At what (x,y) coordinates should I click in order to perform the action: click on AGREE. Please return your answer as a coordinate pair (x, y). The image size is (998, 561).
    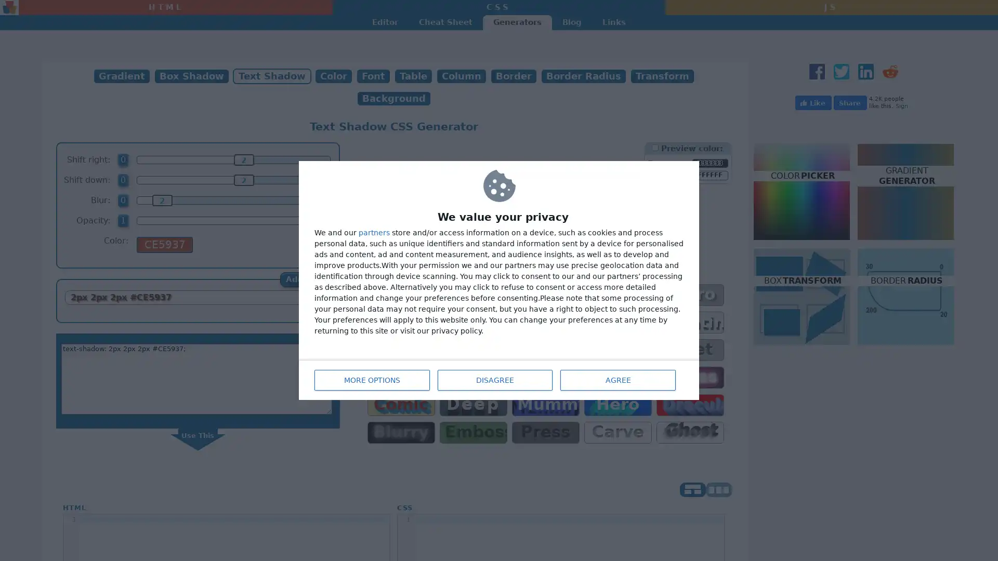
    Looking at the image, I should click on (618, 380).